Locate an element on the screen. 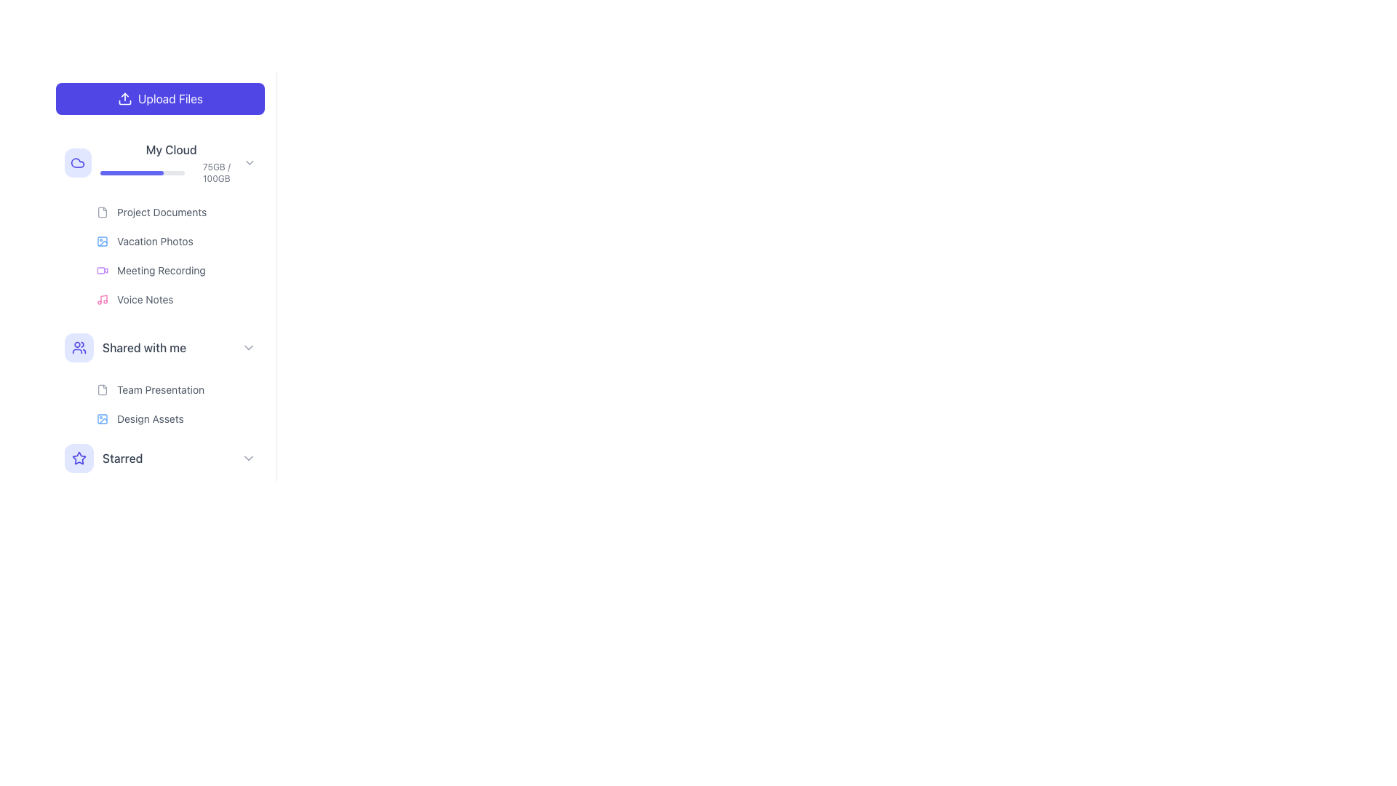 Image resolution: width=1397 pixels, height=786 pixels. the selectable list item titled 'Design Assets' that displays its size as '234MB' is located at coordinates (177, 418).